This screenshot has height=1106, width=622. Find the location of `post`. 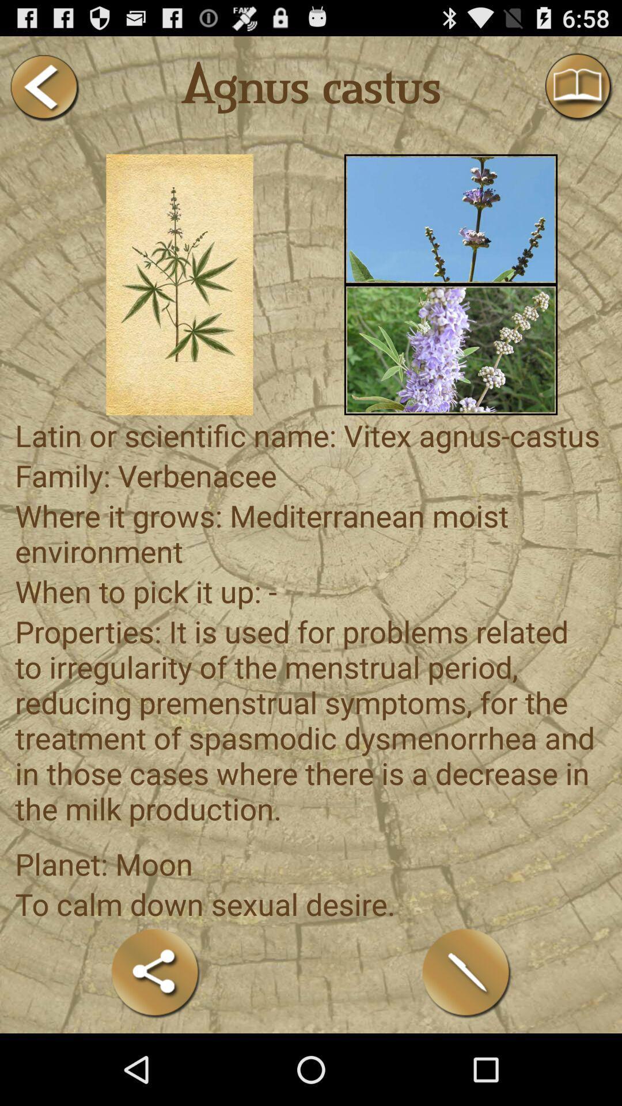

post is located at coordinates (466, 972).